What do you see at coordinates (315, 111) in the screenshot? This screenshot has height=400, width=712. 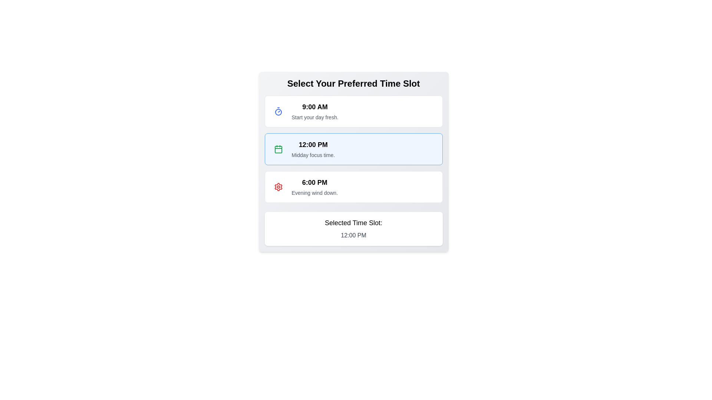 I see `the text block displaying '9:00 AM'` at bounding box center [315, 111].